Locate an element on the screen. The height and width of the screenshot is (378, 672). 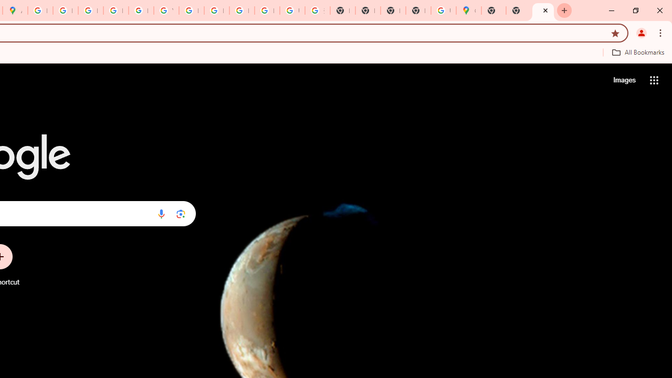
'New Tab' is located at coordinates (518, 10).